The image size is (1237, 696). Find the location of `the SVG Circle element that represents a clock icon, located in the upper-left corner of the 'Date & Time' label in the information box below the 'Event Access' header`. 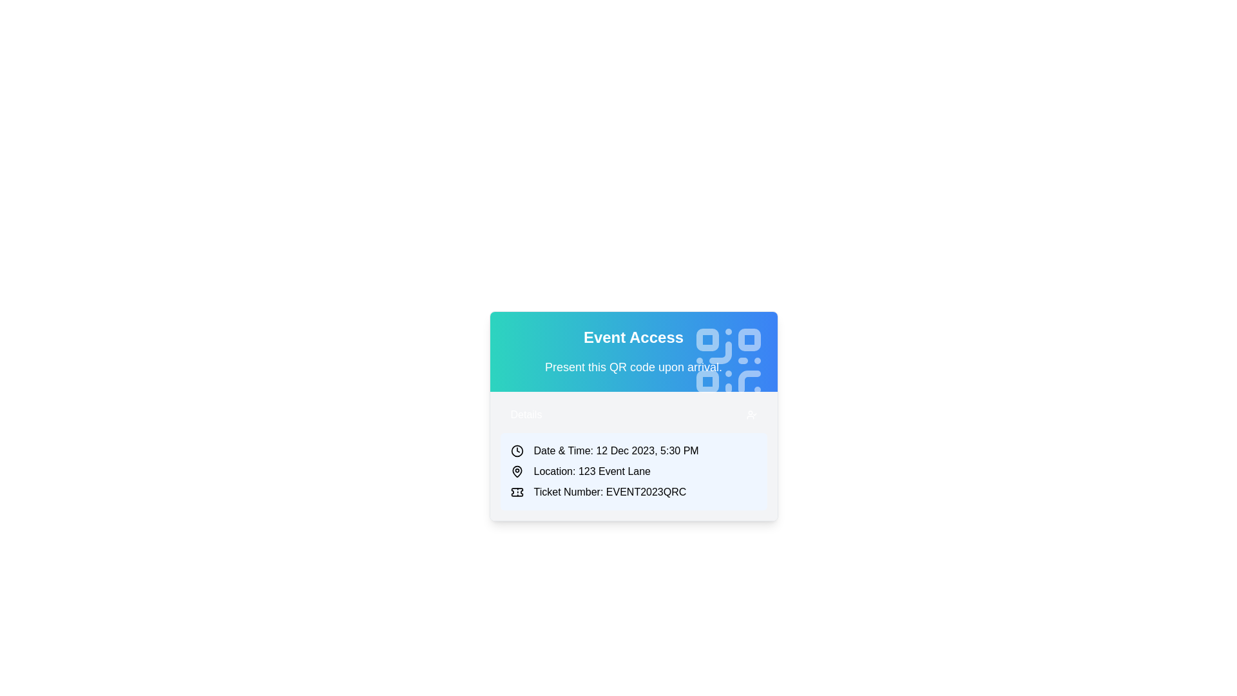

the SVG Circle element that represents a clock icon, located in the upper-left corner of the 'Date & Time' label in the information box below the 'Event Access' header is located at coordinates (517, 450).